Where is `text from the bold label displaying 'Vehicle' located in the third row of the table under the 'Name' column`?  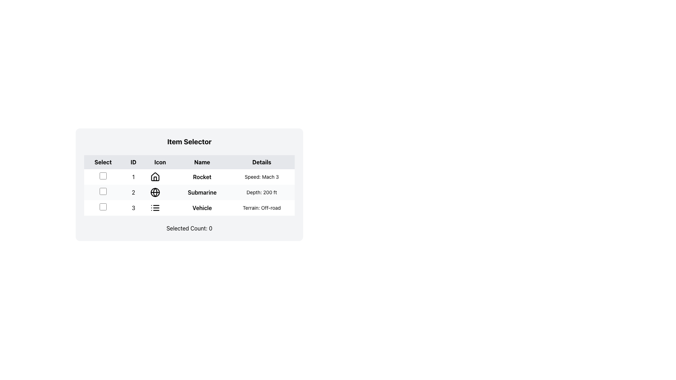
text from the bold label displaying 'Vehicle' located in the third row of the table under the 'Name' column is located at coordinates (202, 207).